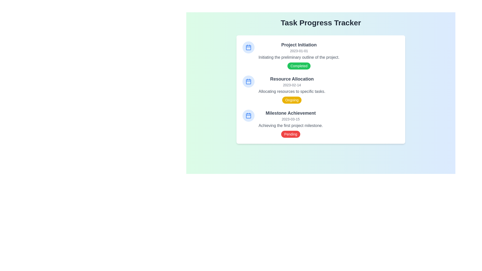 The width and height of the screenshot is (482, 271). I want to click on the Status label indicating the completion status of the 'Project Initiation' task, which is centrally positioned below the project's description text, so click(299, 65).